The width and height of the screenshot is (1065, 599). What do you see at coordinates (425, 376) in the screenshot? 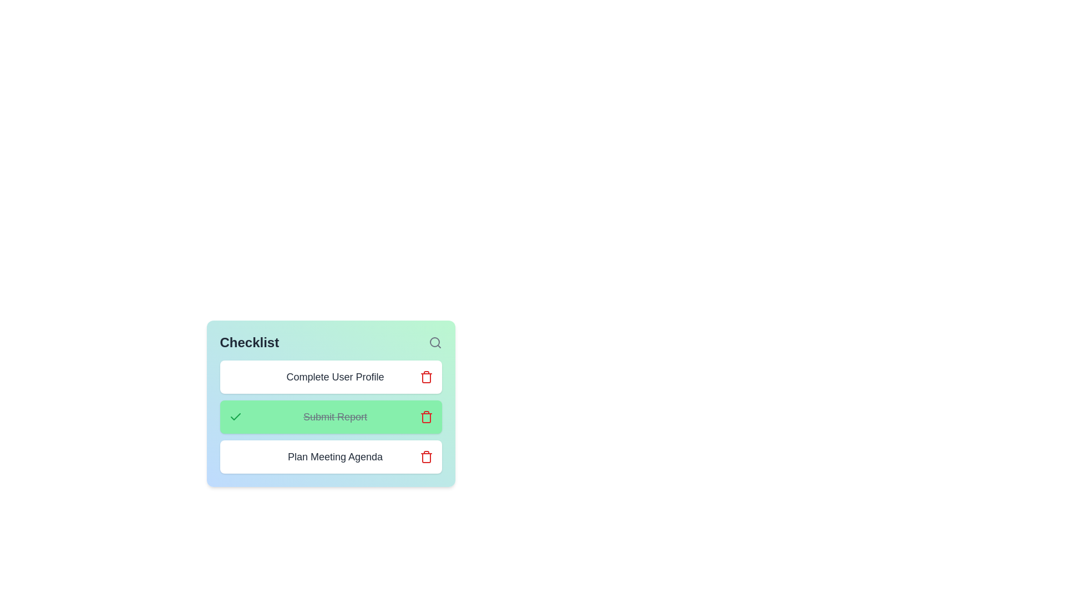
I see `trash icon next to the task named 'Complete User Profile' to delete it` at bounding box center [425, 376].